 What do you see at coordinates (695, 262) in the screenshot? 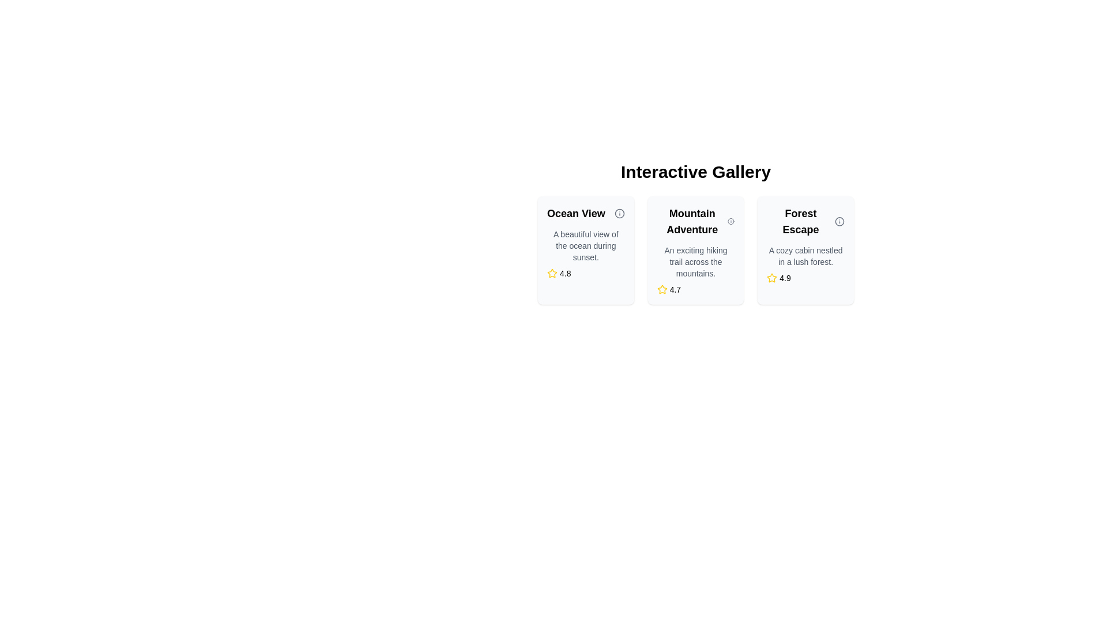
I see `the static text providing details about the hiking trail in the 'Mountain Adventure' card, located below the main title and above the star rating section` at bounding box center [695, 262].